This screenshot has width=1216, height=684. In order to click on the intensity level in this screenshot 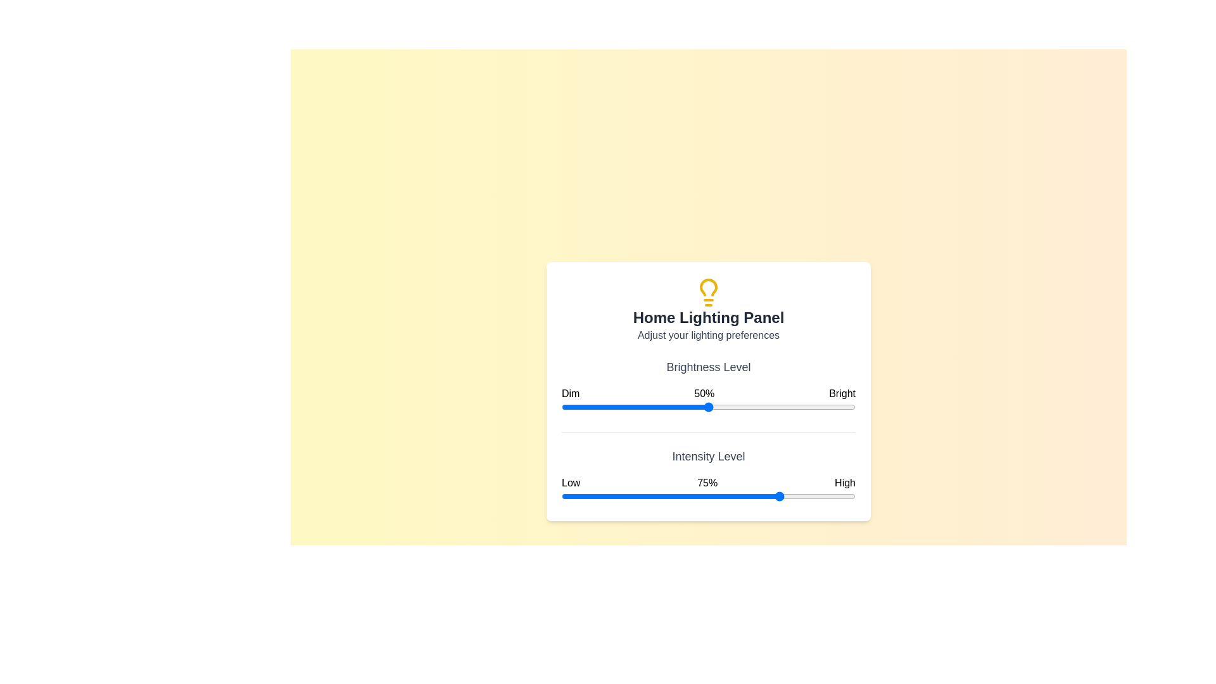, I will do `click(720, 495)`.